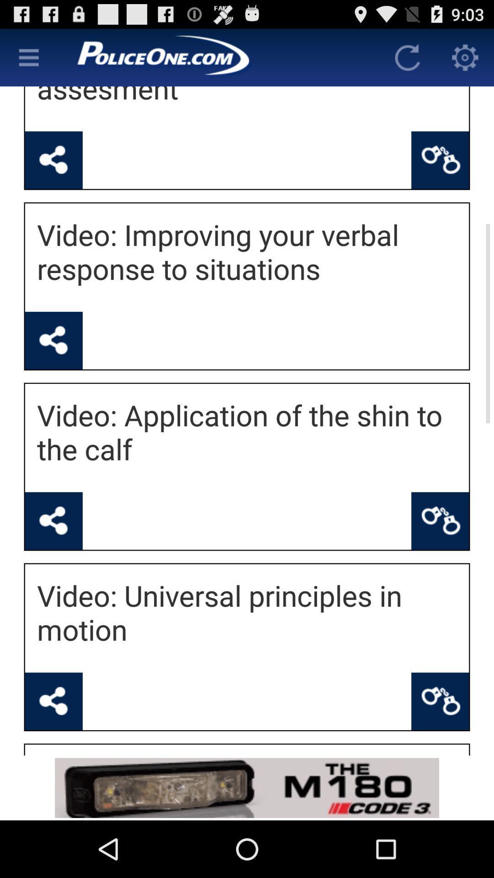 This screenshot has width=494, height=878. What do you see at coordinates (465, 61) in the screenshot?
I see `the settings icon` at bounding box center [465, 61].